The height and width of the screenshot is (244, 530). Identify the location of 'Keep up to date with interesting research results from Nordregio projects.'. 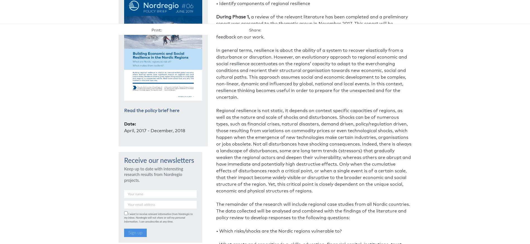
(153, 174).